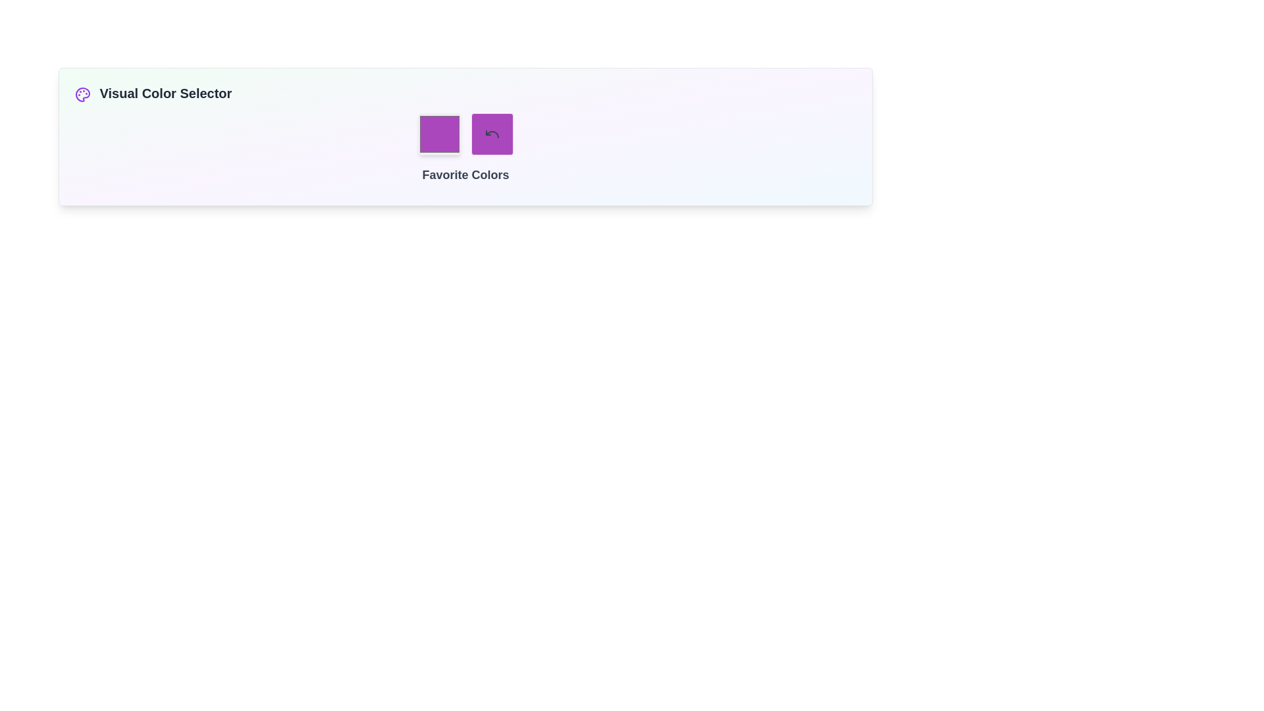  What do you see at coordinates (465, 178) in the screenshot?
I see `the text label that serves as a heading for the color selection section, located below two buttons (one purple and one with a circular arrow icon)` at bounding box center [465, 178].